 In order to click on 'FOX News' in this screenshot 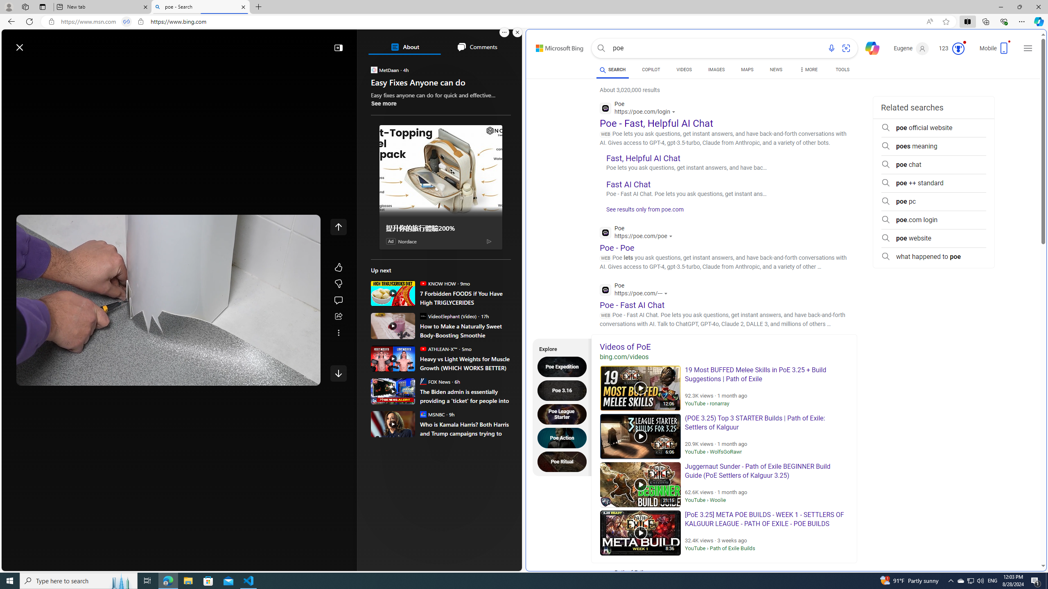, I will do `click(422, 381)`.